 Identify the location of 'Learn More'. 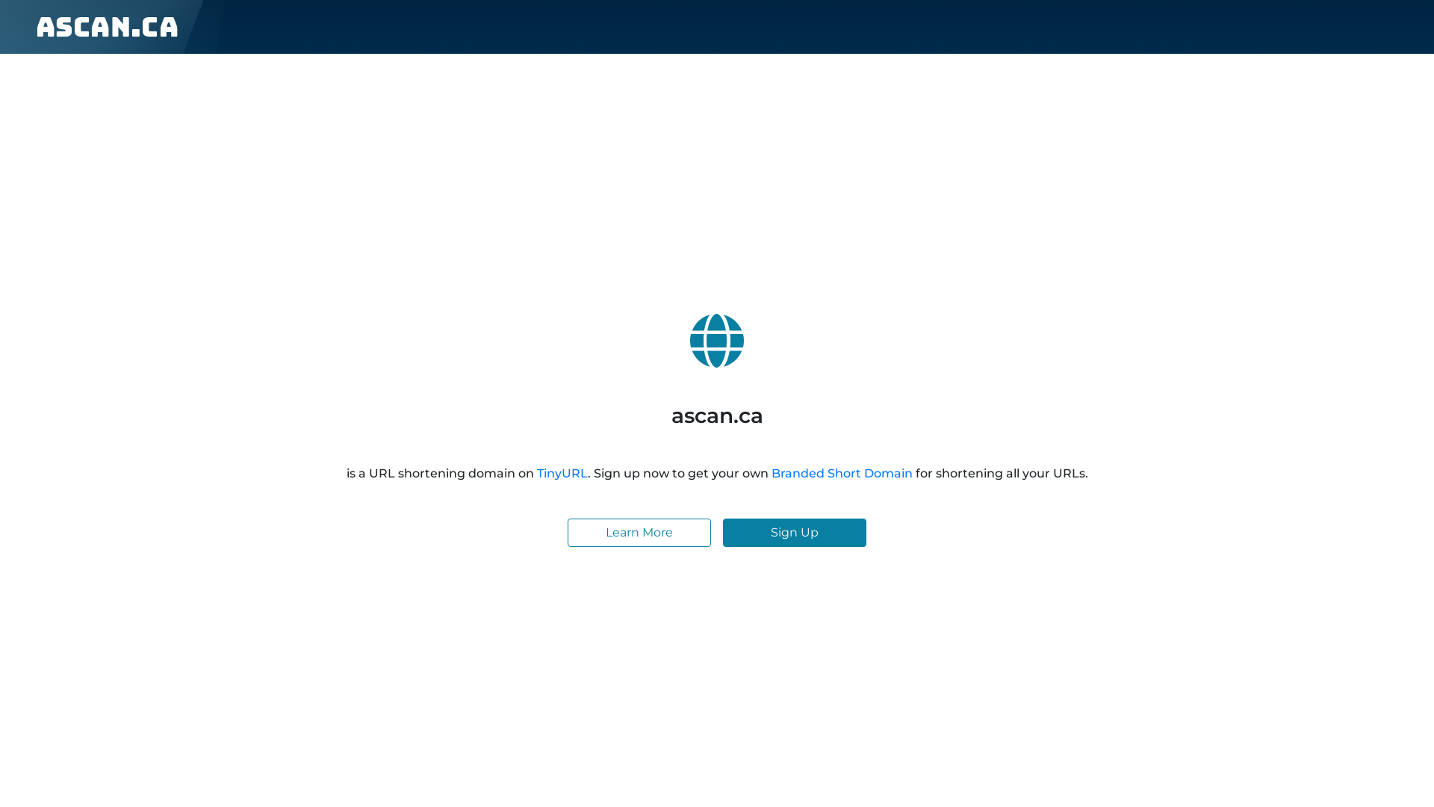
(639, 532).